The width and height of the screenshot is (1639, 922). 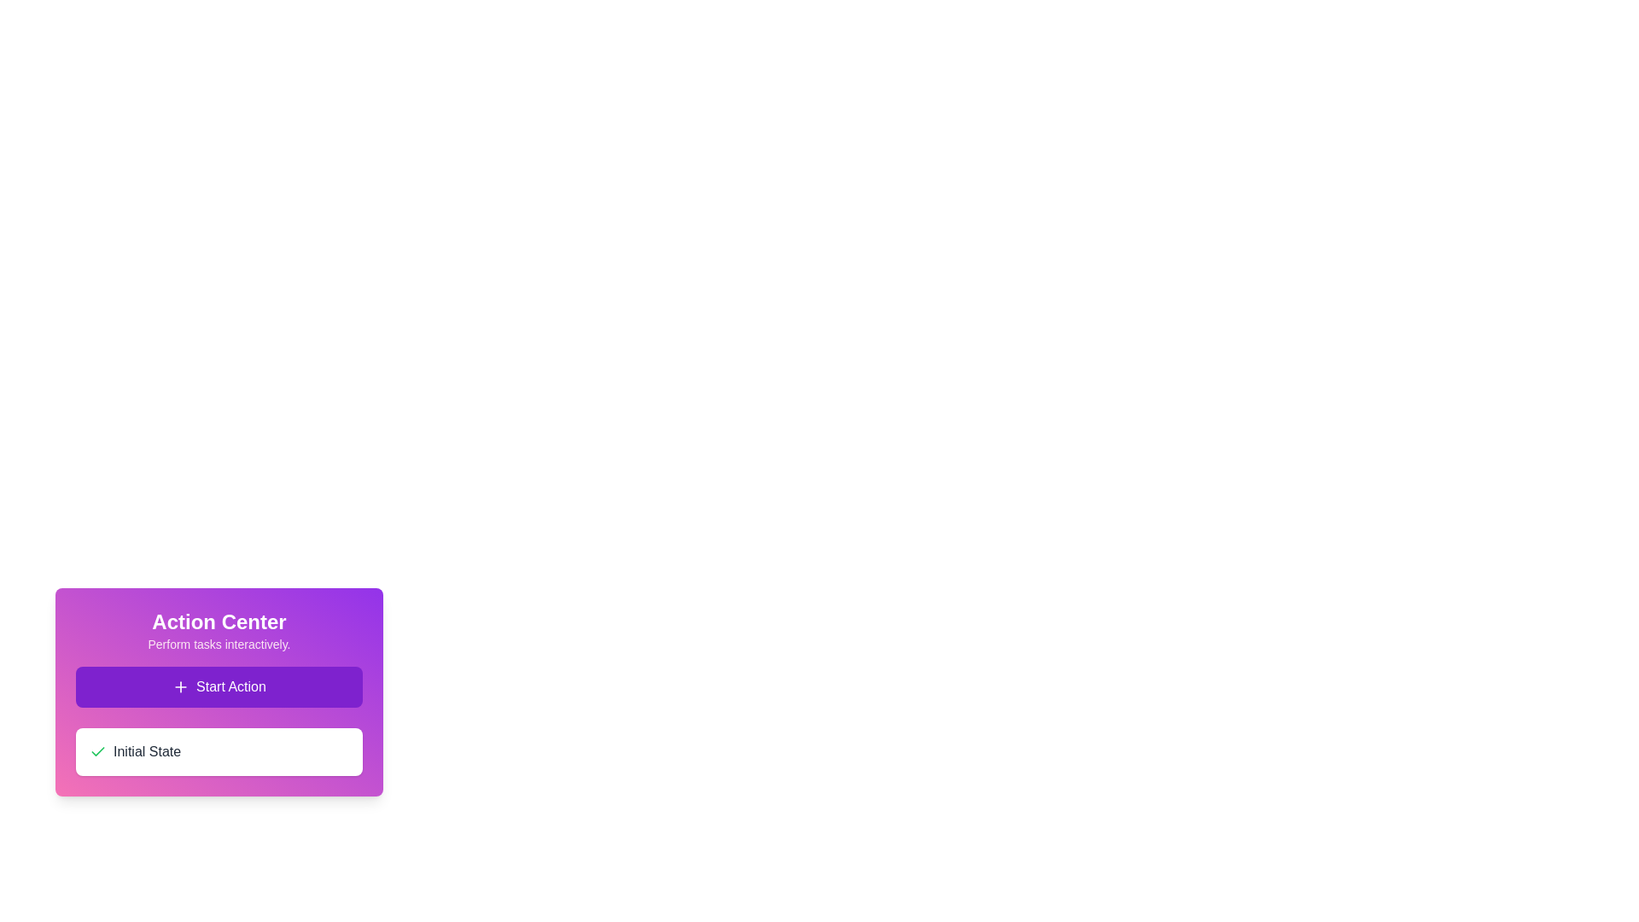 What do you see at coordinates (97, 750) in the screenshot?
I see `the SVG Icon indicating the 'Initial State' to visually confirm its activation or completion status` at bounding box center [97, 750].